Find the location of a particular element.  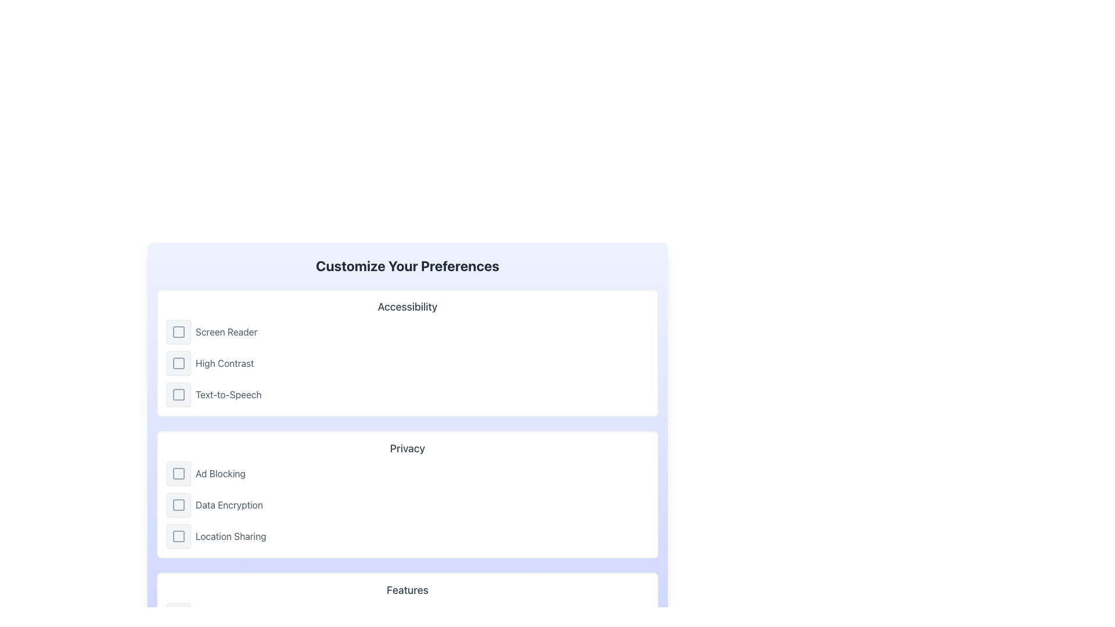

the checkbox labeled 'Location Sharing' is located at coordinates (407, 536).